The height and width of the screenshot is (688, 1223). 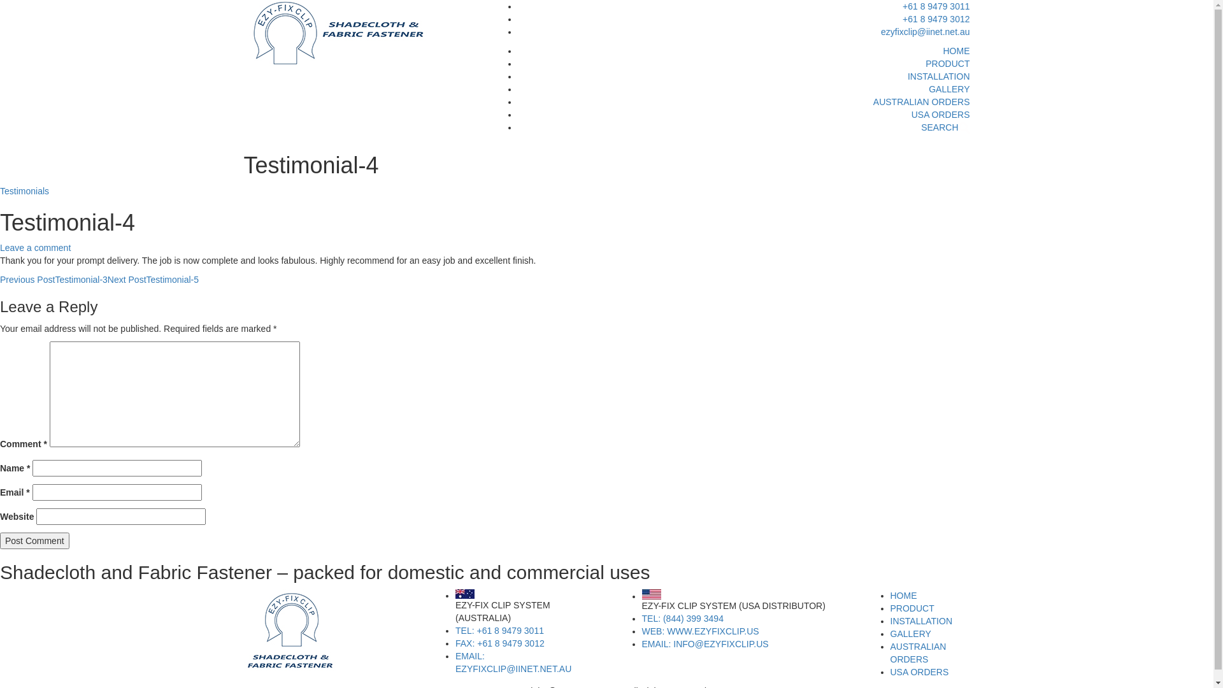 I want to click on 'EMAIL: INFO@EZYFIXCLIP.US', so click(x=704, y=643).